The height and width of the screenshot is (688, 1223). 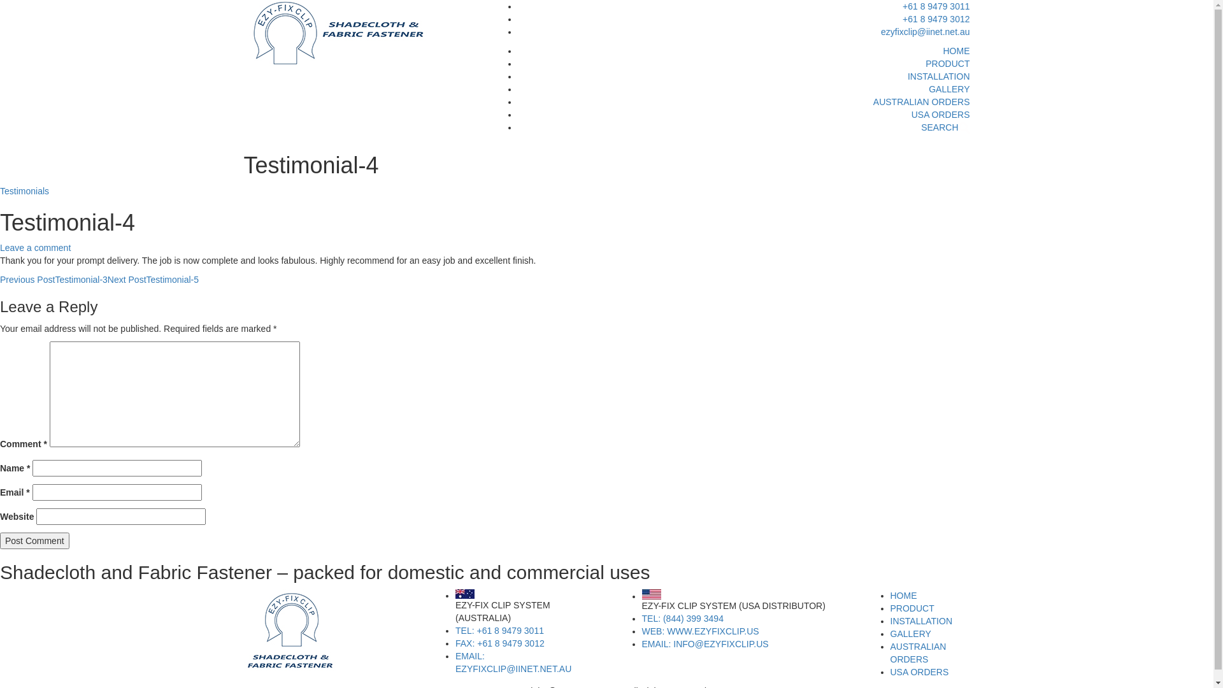 I want to click on 'EMAIL: INFO@EZYFIXCLIP.US', so click(x=704, y=643).